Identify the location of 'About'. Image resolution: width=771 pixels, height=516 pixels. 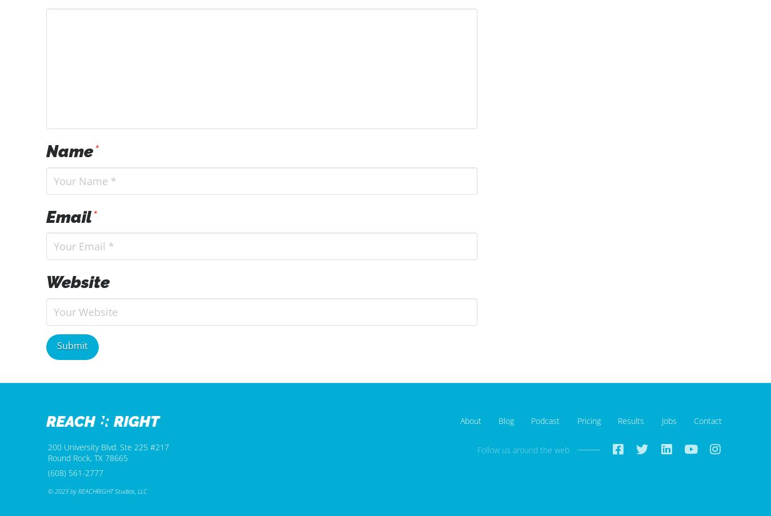
(470, 421).